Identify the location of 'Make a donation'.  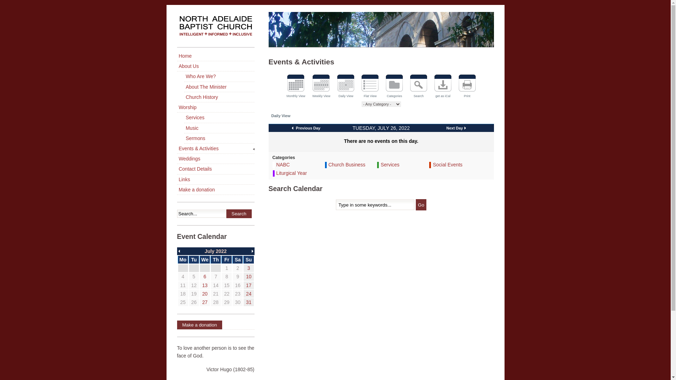
(177, 189).